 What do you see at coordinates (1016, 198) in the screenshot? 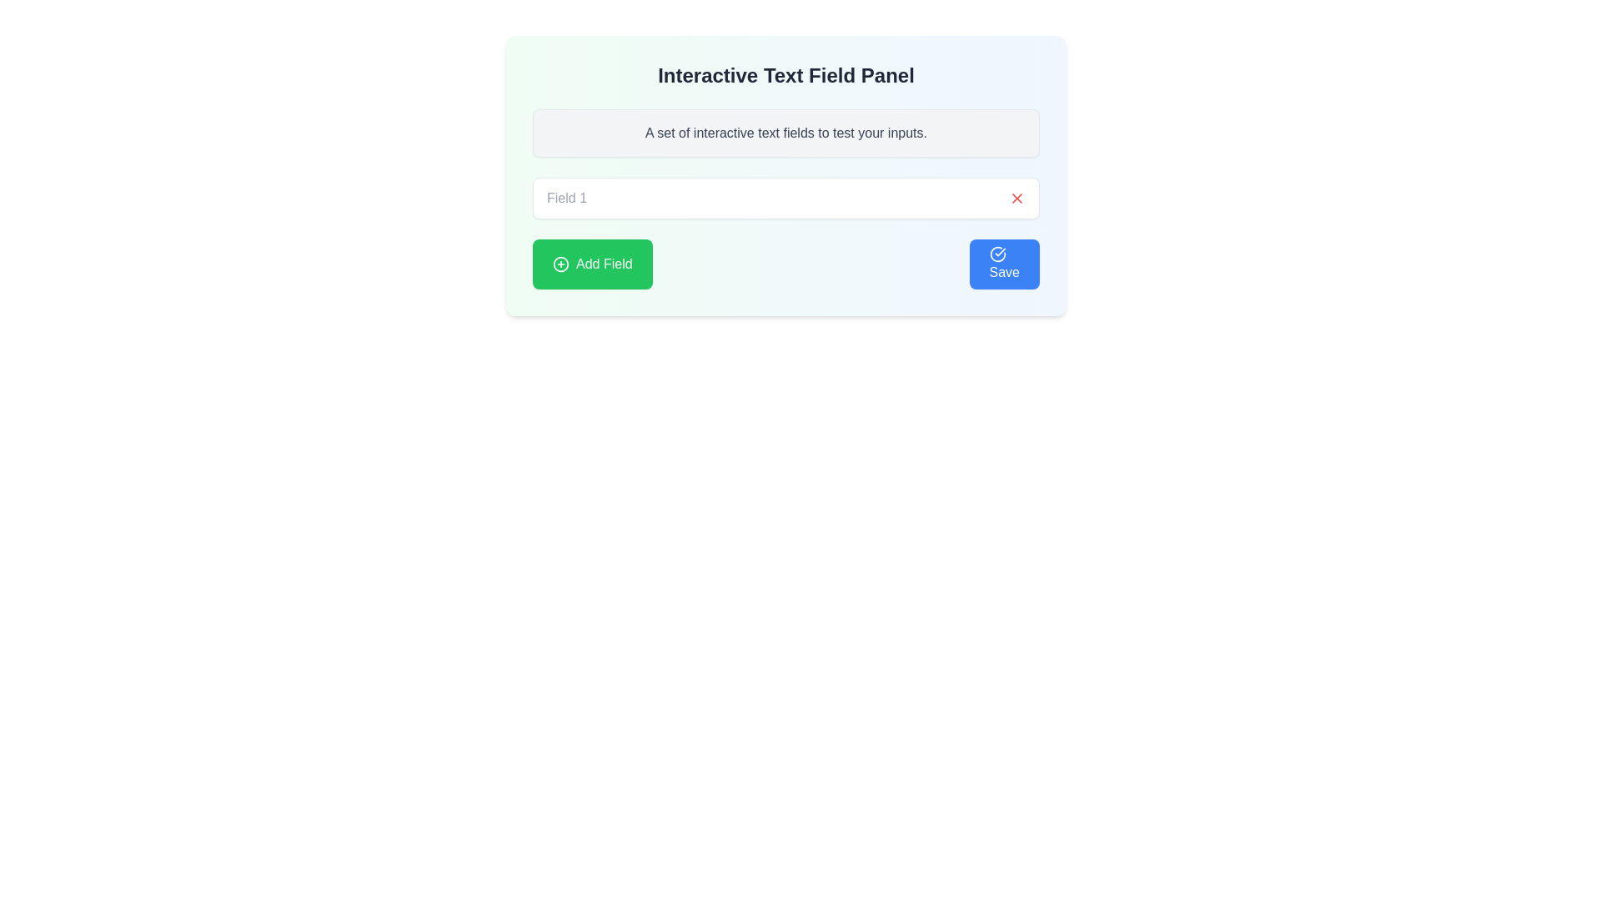
I see `the red 'X' icon button located on the right-hand side of the text input box labeled 'Field 1'` at bounding box center [1016, 198].